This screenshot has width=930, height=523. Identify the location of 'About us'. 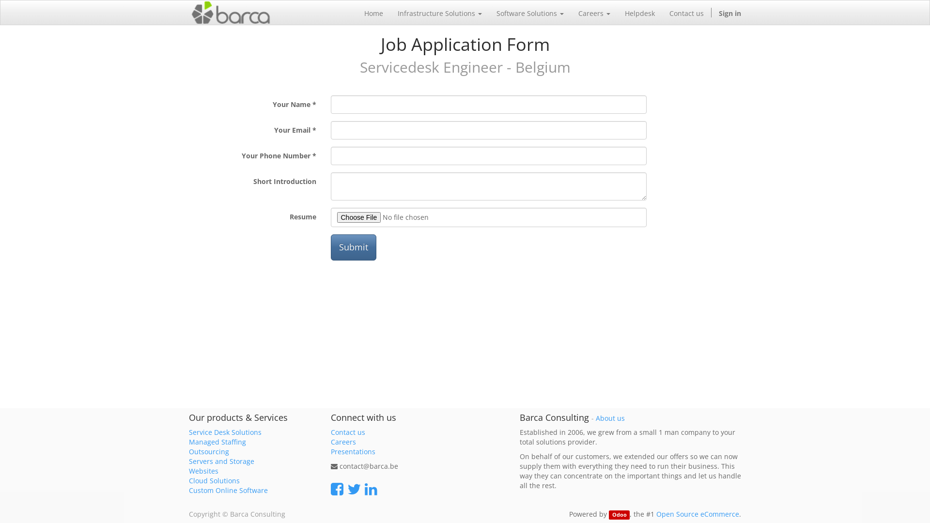
(609, 418).